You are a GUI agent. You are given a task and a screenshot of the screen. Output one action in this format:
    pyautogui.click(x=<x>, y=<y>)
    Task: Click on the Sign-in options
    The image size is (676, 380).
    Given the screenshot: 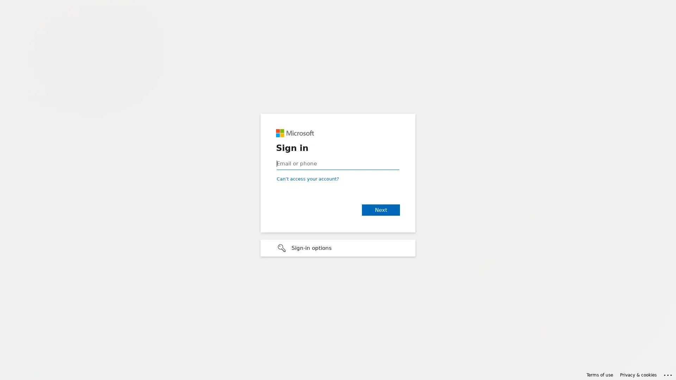 What is the action you would take?
    pyautogui.click(x=338, y=248)
    